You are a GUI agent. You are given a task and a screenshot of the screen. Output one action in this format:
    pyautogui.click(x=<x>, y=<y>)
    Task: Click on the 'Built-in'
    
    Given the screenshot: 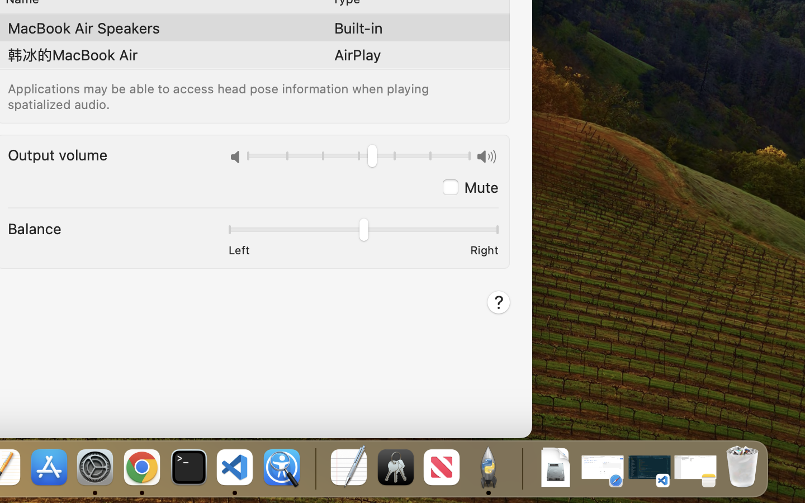 What is the action you would take?
    pyautogui.click(x=357, y=27)
    